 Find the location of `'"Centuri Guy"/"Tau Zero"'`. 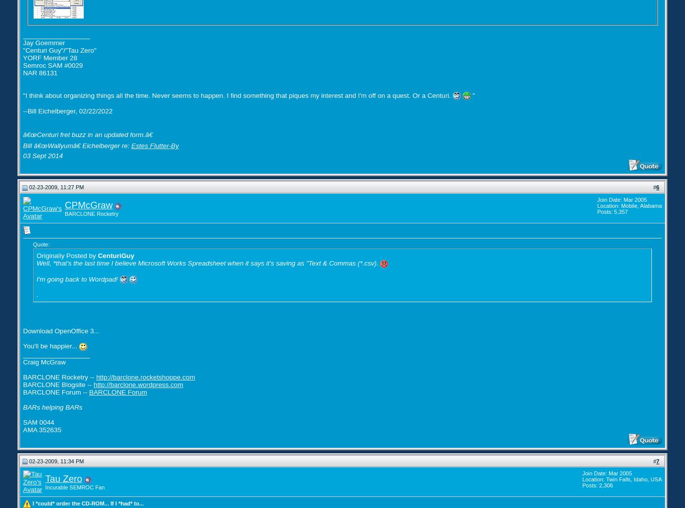

'"Centuri Guy"/"Tau Zero"' is located at coordinates (59, 49).